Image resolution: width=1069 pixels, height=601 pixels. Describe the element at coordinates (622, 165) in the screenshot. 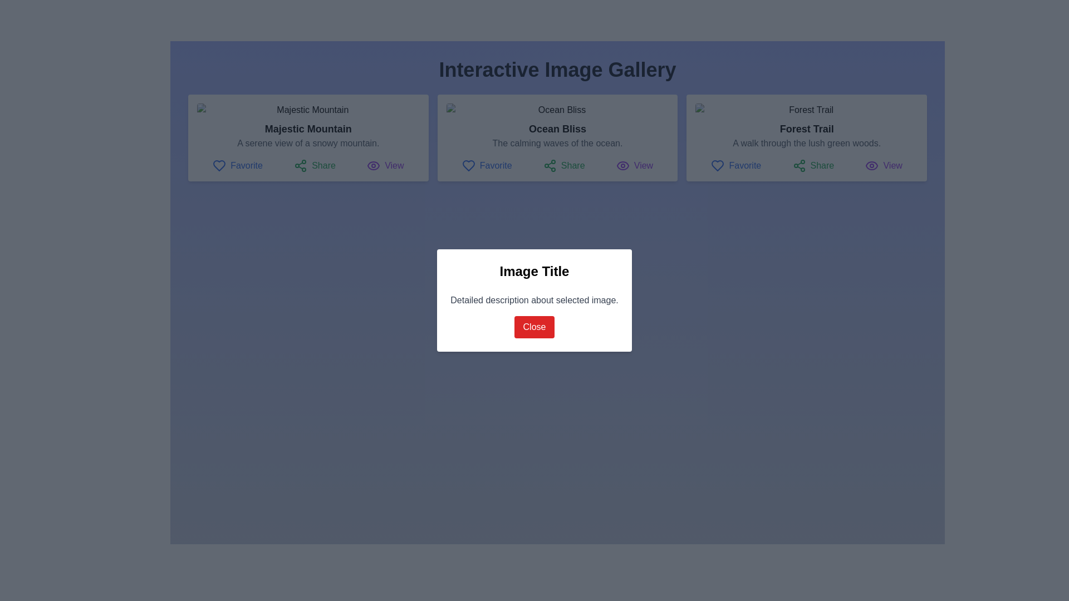

I see `the purple eye icon located to the left of the 'View' text in the button group of the 'Ocean Bliss' card` at that location.